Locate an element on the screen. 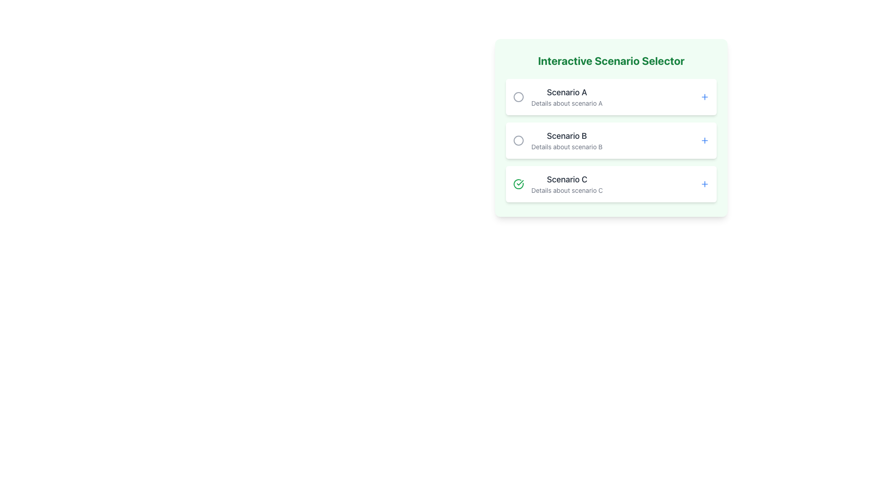 The height and width of the screenshot is (490, 872). the blue plus sign icon located at the far right of the 'Scenario C' row in the 'Interactive Scenario Selector' panel is located at coordinates (704, 184).